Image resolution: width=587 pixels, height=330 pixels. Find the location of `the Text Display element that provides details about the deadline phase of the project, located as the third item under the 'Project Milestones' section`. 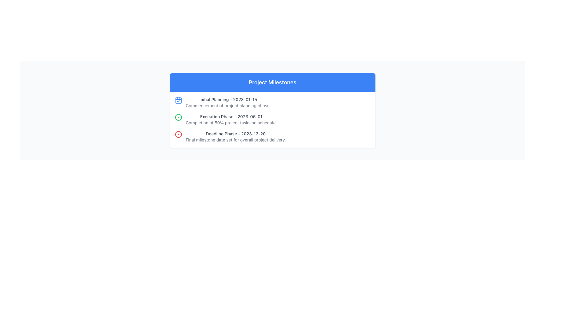

the Text Display element that provides details about the deadline phase of the project, located as the third item under the 'Project Milestones' section is located at coordinates (235, 136).